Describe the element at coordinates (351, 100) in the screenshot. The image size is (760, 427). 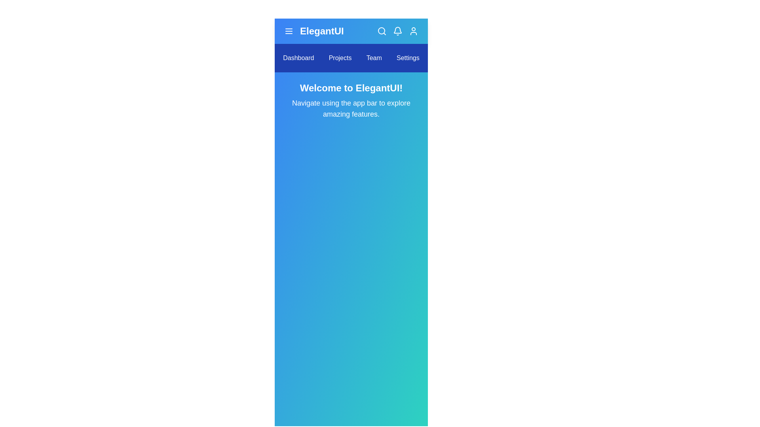
I see `the text content area and read the displayed message` at that location.